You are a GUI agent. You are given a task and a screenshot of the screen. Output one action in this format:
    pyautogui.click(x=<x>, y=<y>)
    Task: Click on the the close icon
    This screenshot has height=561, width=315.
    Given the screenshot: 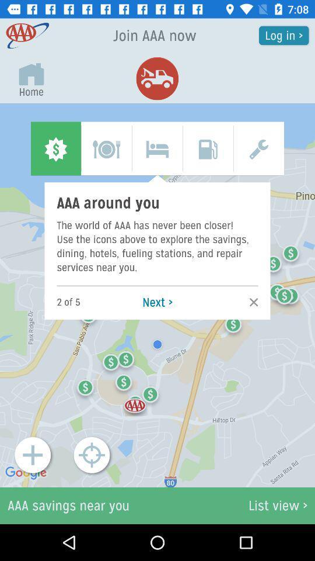 What is the action you would take?
    pyautogui.click(x=250, y=302)
    